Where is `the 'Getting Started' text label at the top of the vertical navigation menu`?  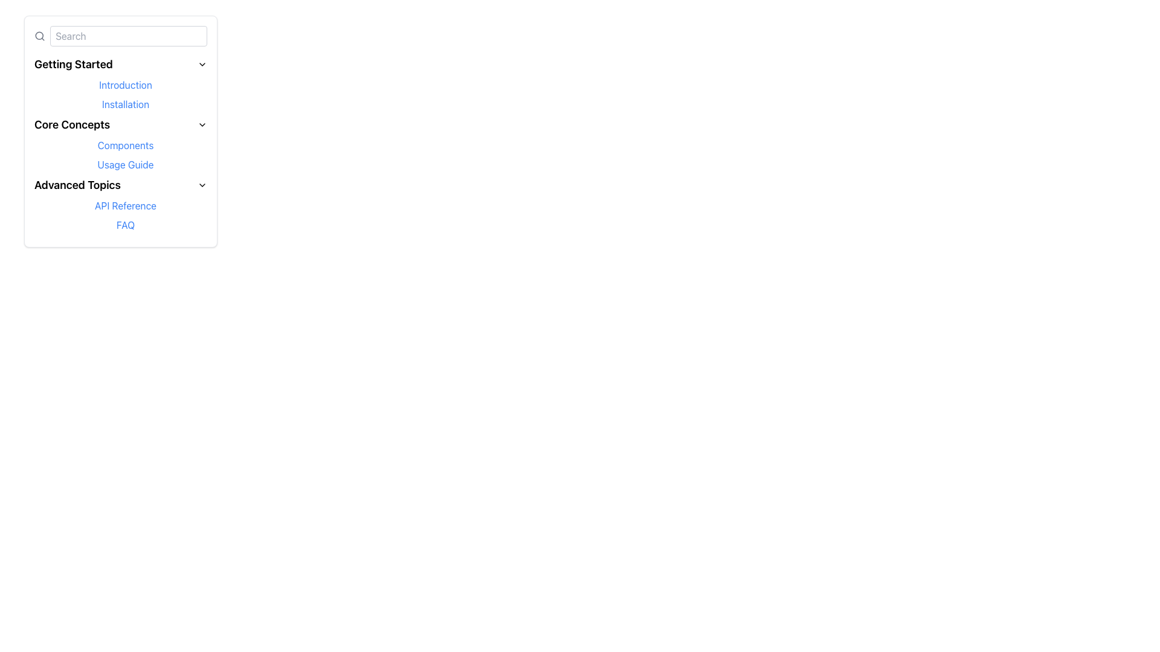
the 'Getting Started' text label at the top of the vertical navigation menu is located at coordinates (72, 65).